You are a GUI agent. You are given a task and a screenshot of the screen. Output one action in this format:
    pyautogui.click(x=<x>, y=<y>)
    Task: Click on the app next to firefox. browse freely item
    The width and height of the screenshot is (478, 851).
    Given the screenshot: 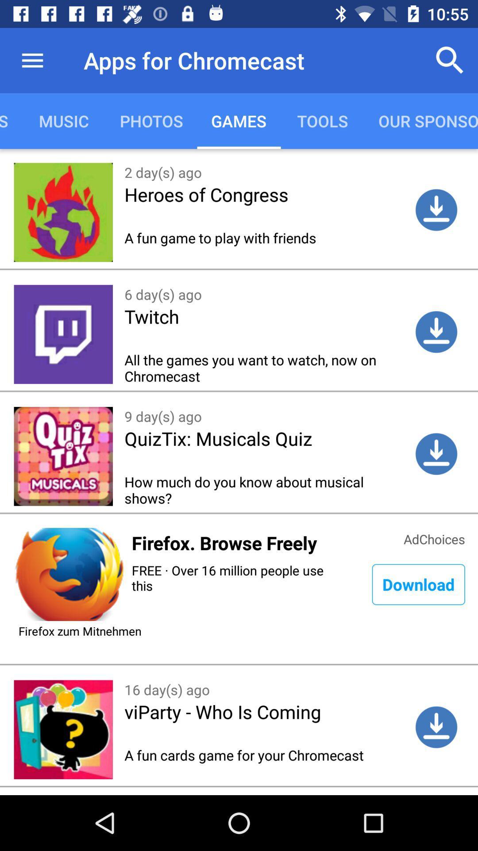 What is the action you would take?
    pyautogui.click(x=434, y=538)
    